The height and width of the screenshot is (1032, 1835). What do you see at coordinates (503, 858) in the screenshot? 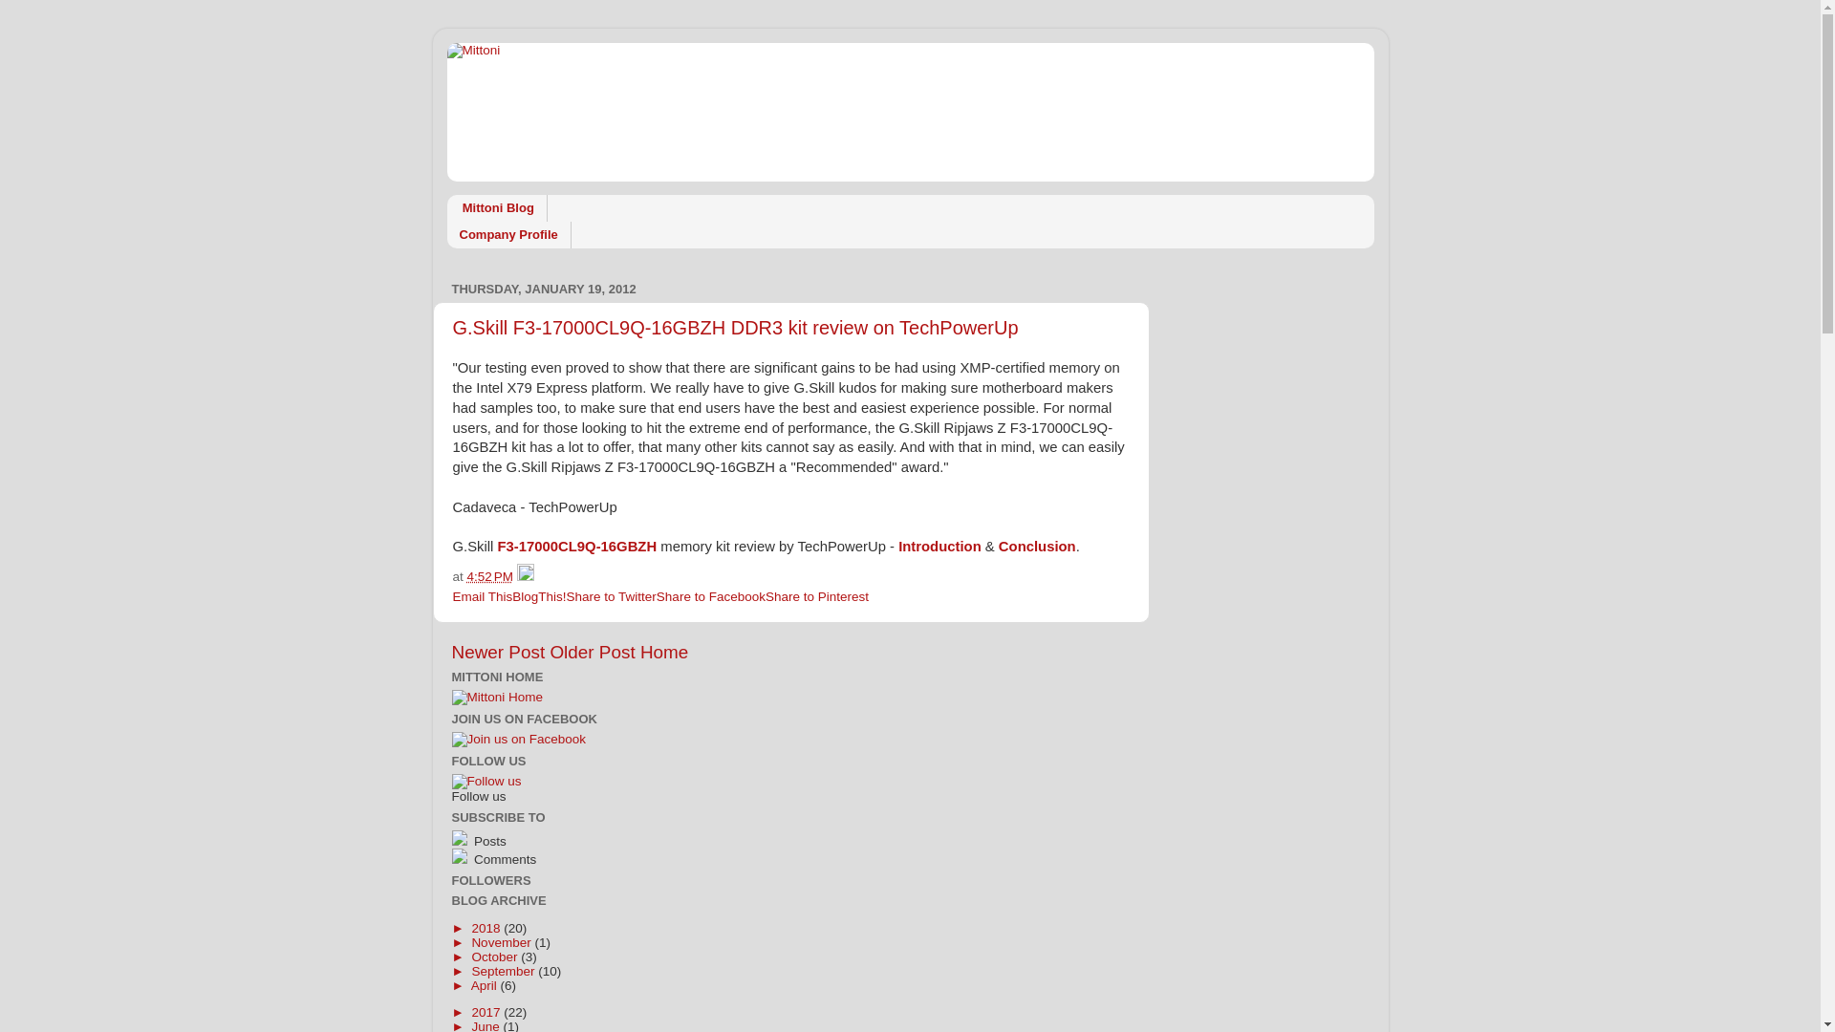
I see `'Comments'` at bounding box center [503, 858].